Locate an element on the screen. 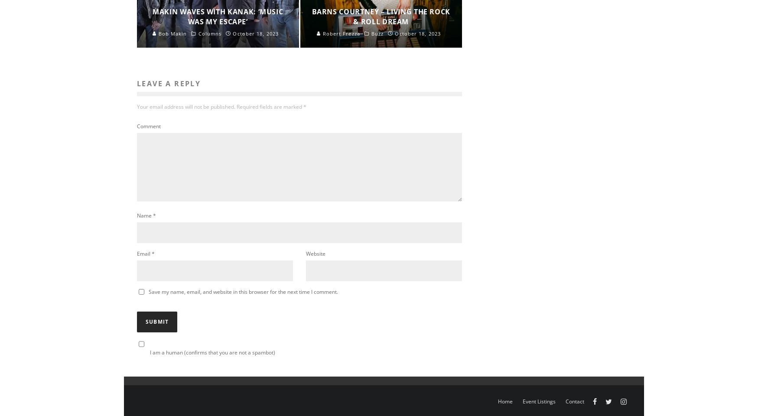 The image size is (768, 416). 'Your email address will not be published.' is located at coordinates (136, 106).